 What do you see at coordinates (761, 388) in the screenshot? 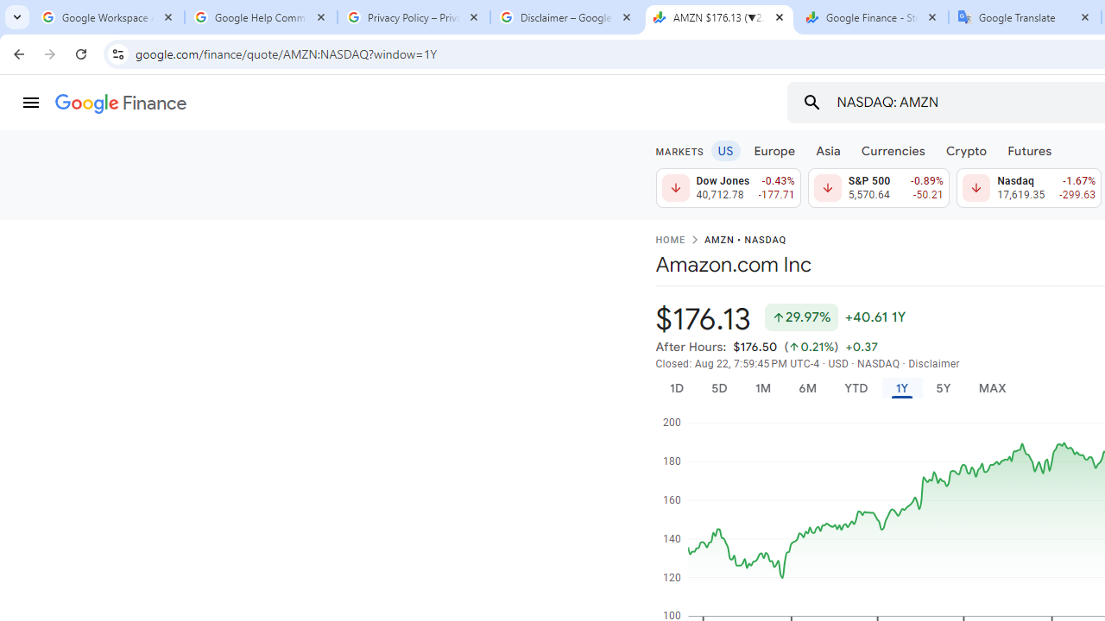
I see `'1M'` at bounding box center [761, 388].